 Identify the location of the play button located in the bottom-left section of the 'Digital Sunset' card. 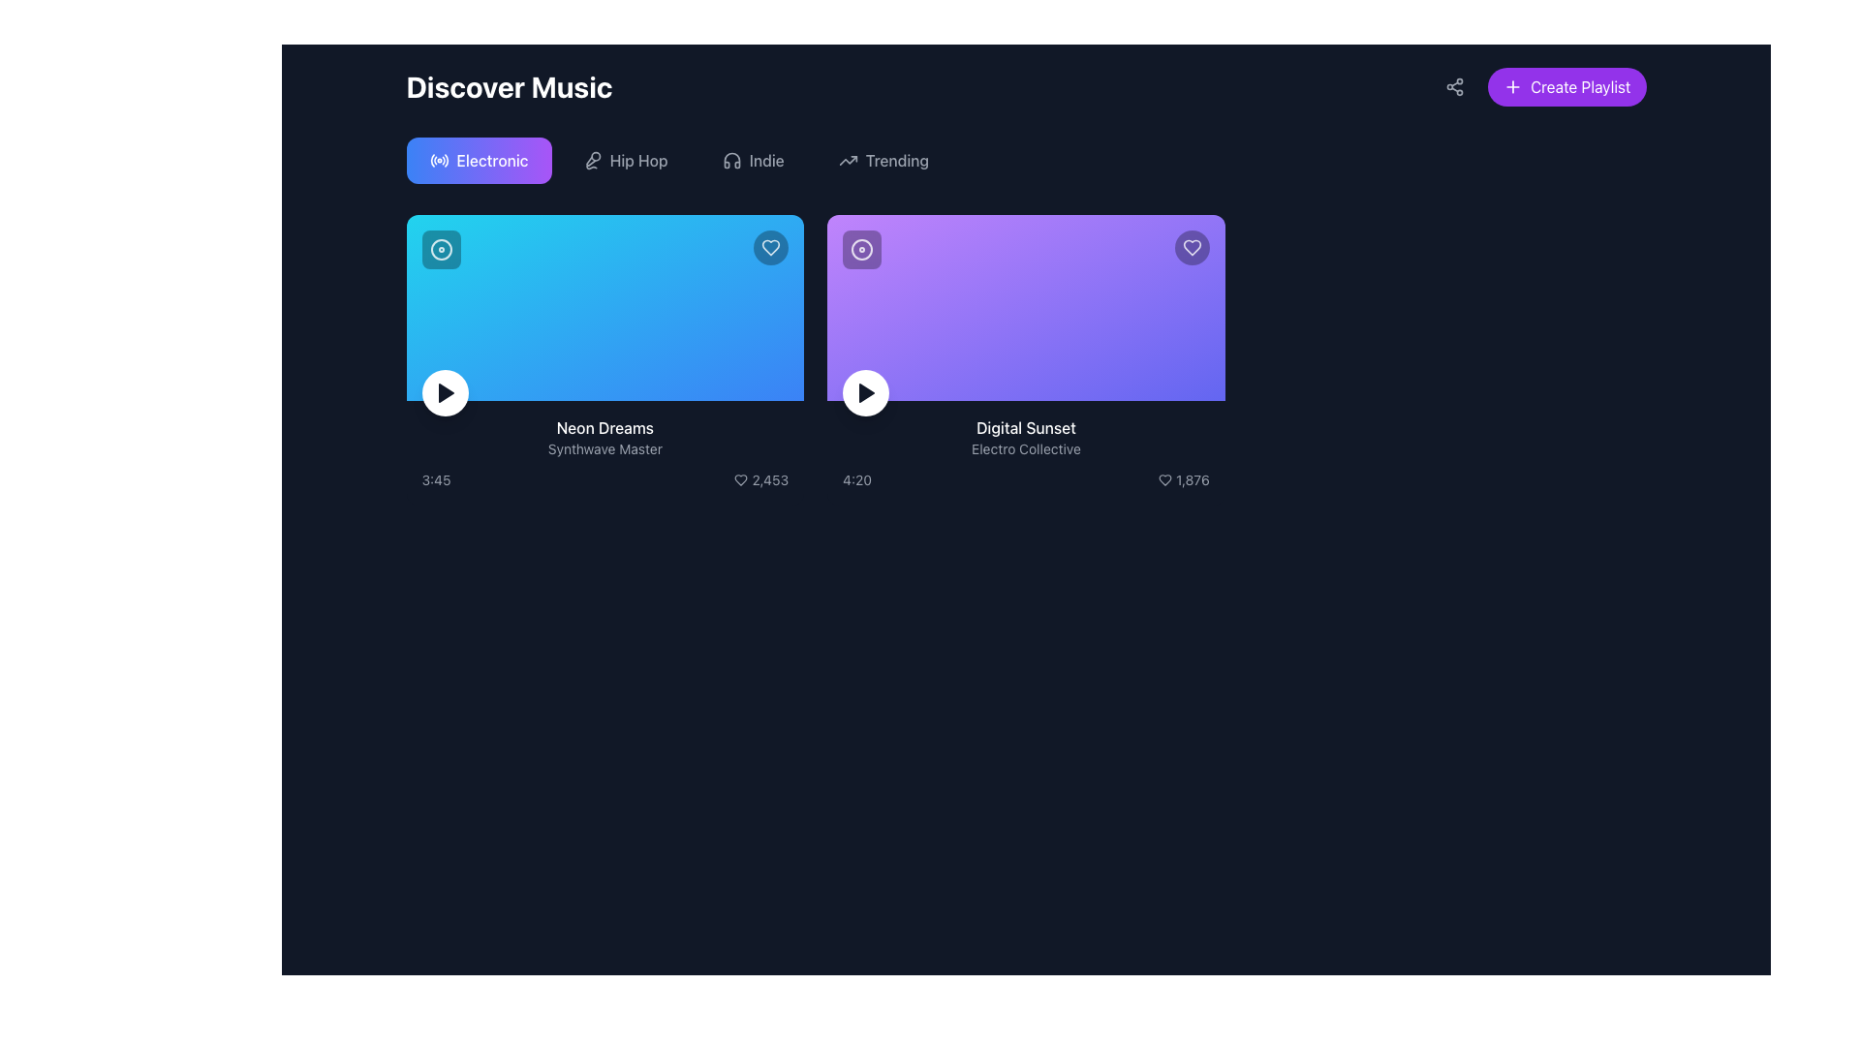
(865, 392).